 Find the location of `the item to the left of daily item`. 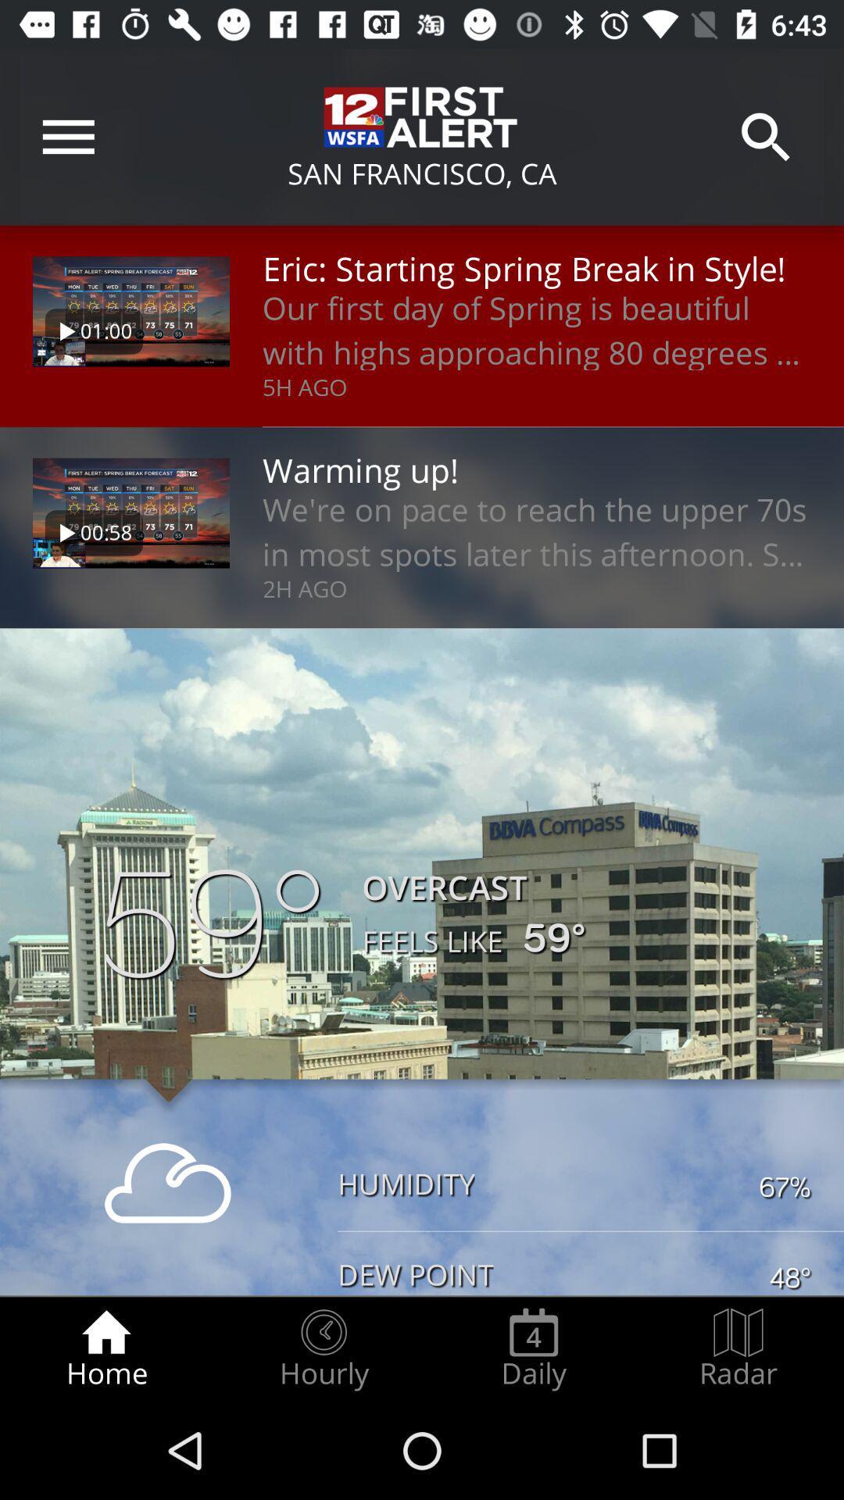

the item to the left of daily item is located at coordinates (323, 1348).